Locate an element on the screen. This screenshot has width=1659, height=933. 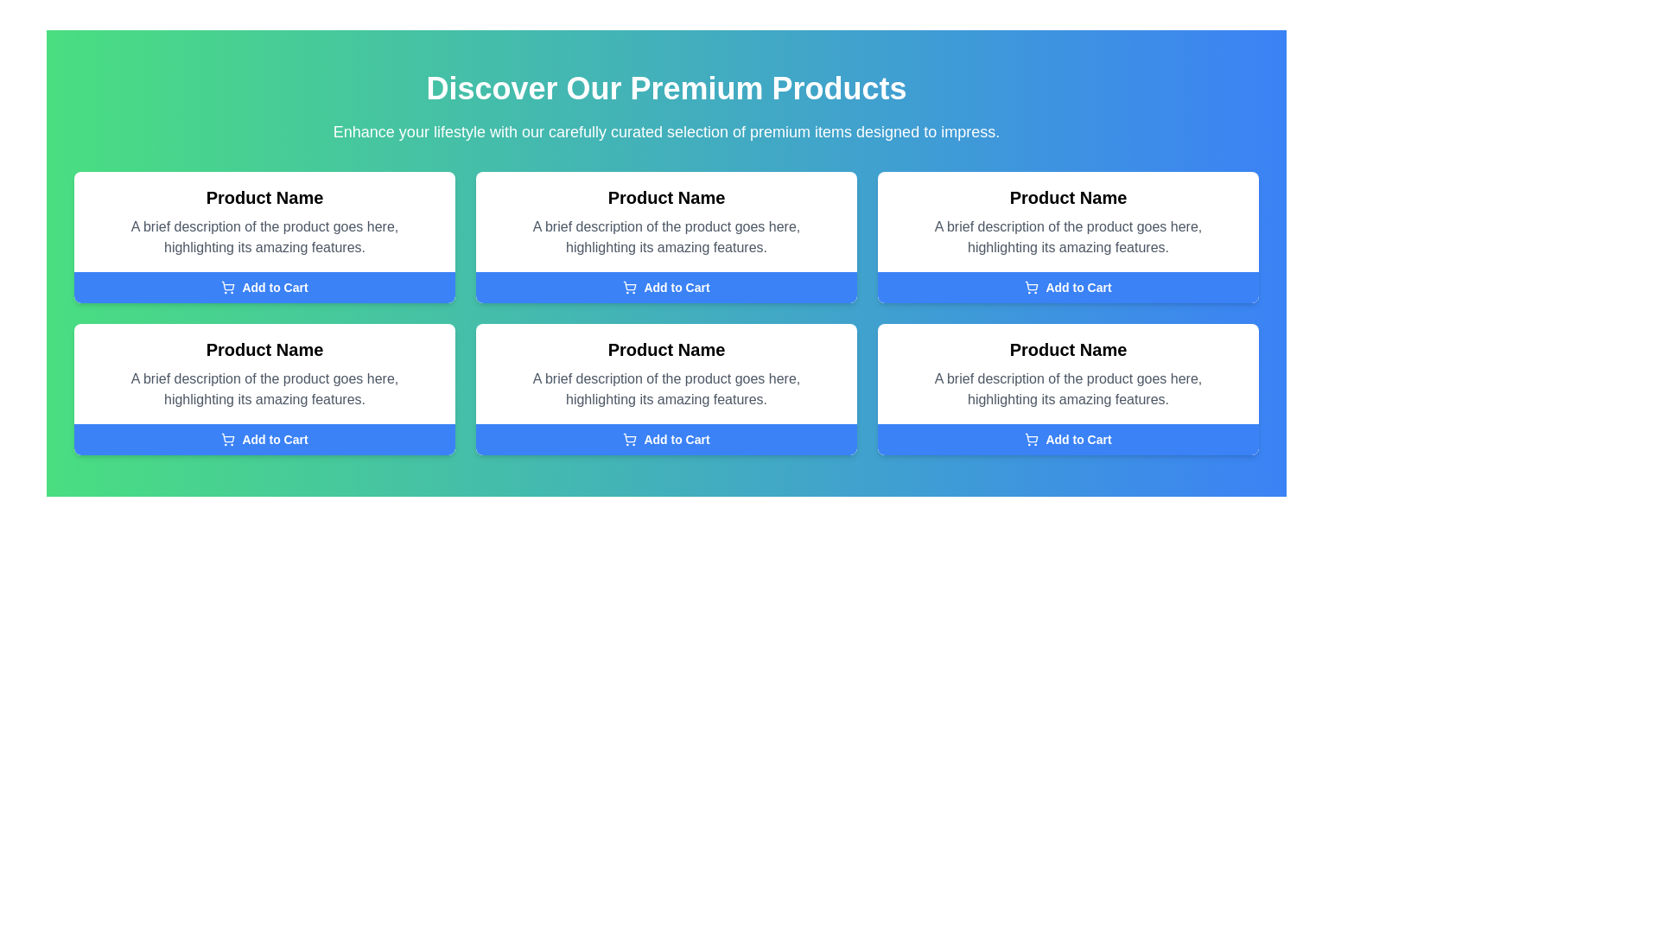
the shopping cart icon located within the blue 'Add to Cart' button in the fourth product display on the bottom row of the grid of product offerings is located at coordinates (1032, 437).